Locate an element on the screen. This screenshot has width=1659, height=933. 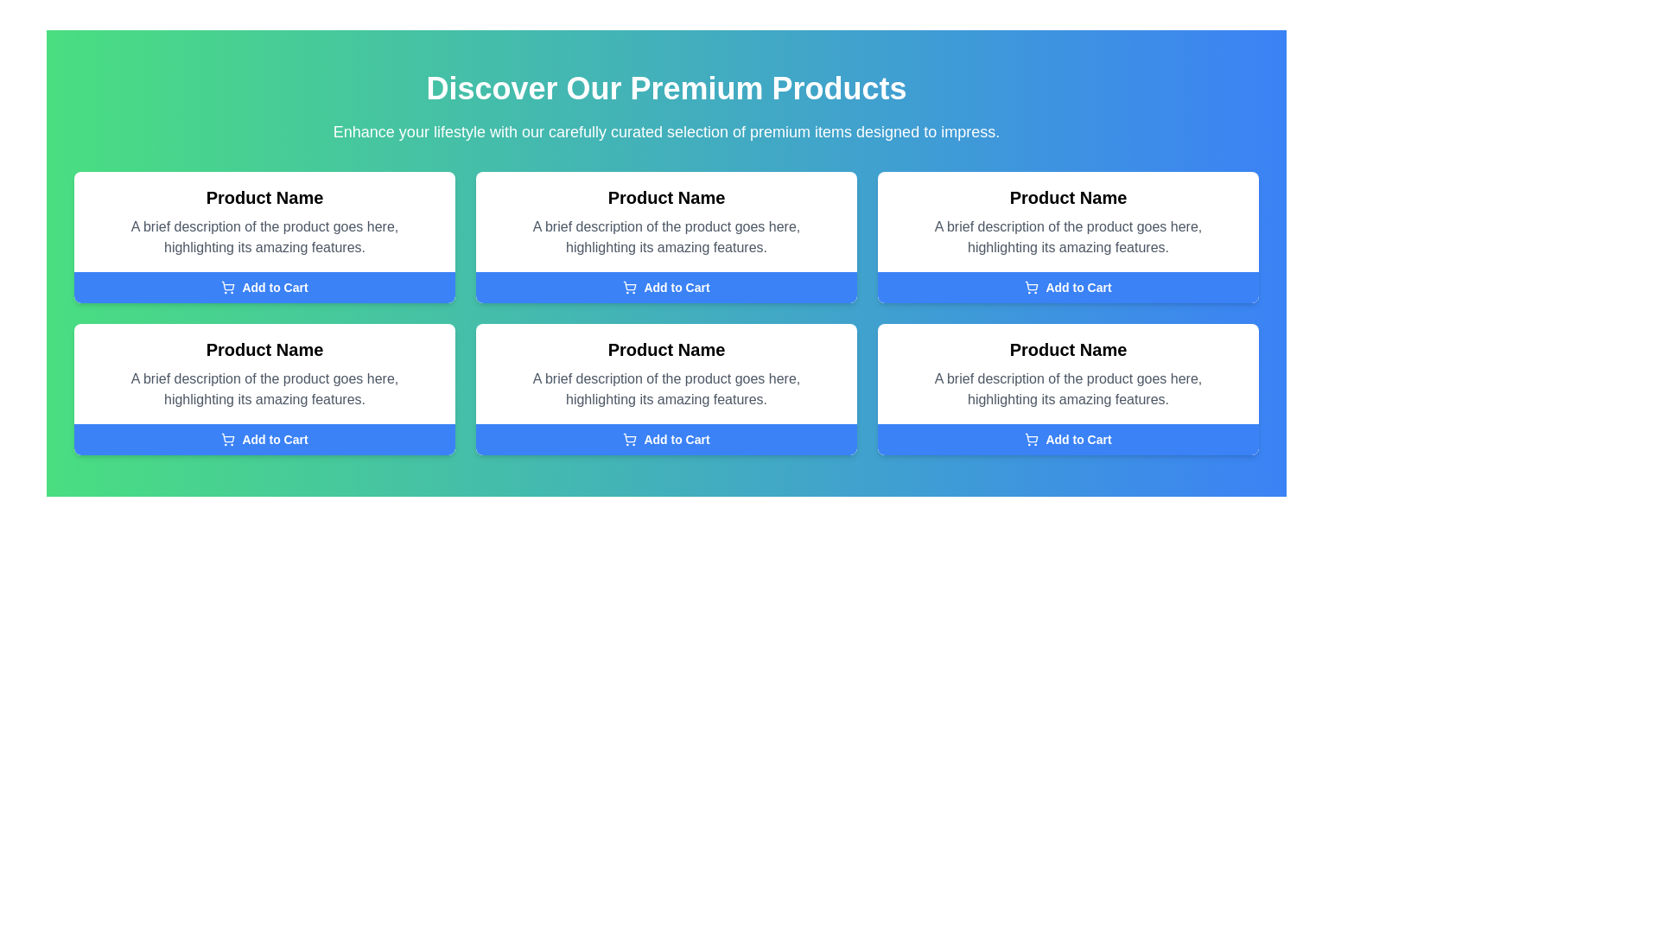
the shopping cart icon located within the blue 'Add to Cart' button in the fourth product display on the bottom row of the grid of product offerings is located at coordinates (1032, 437).